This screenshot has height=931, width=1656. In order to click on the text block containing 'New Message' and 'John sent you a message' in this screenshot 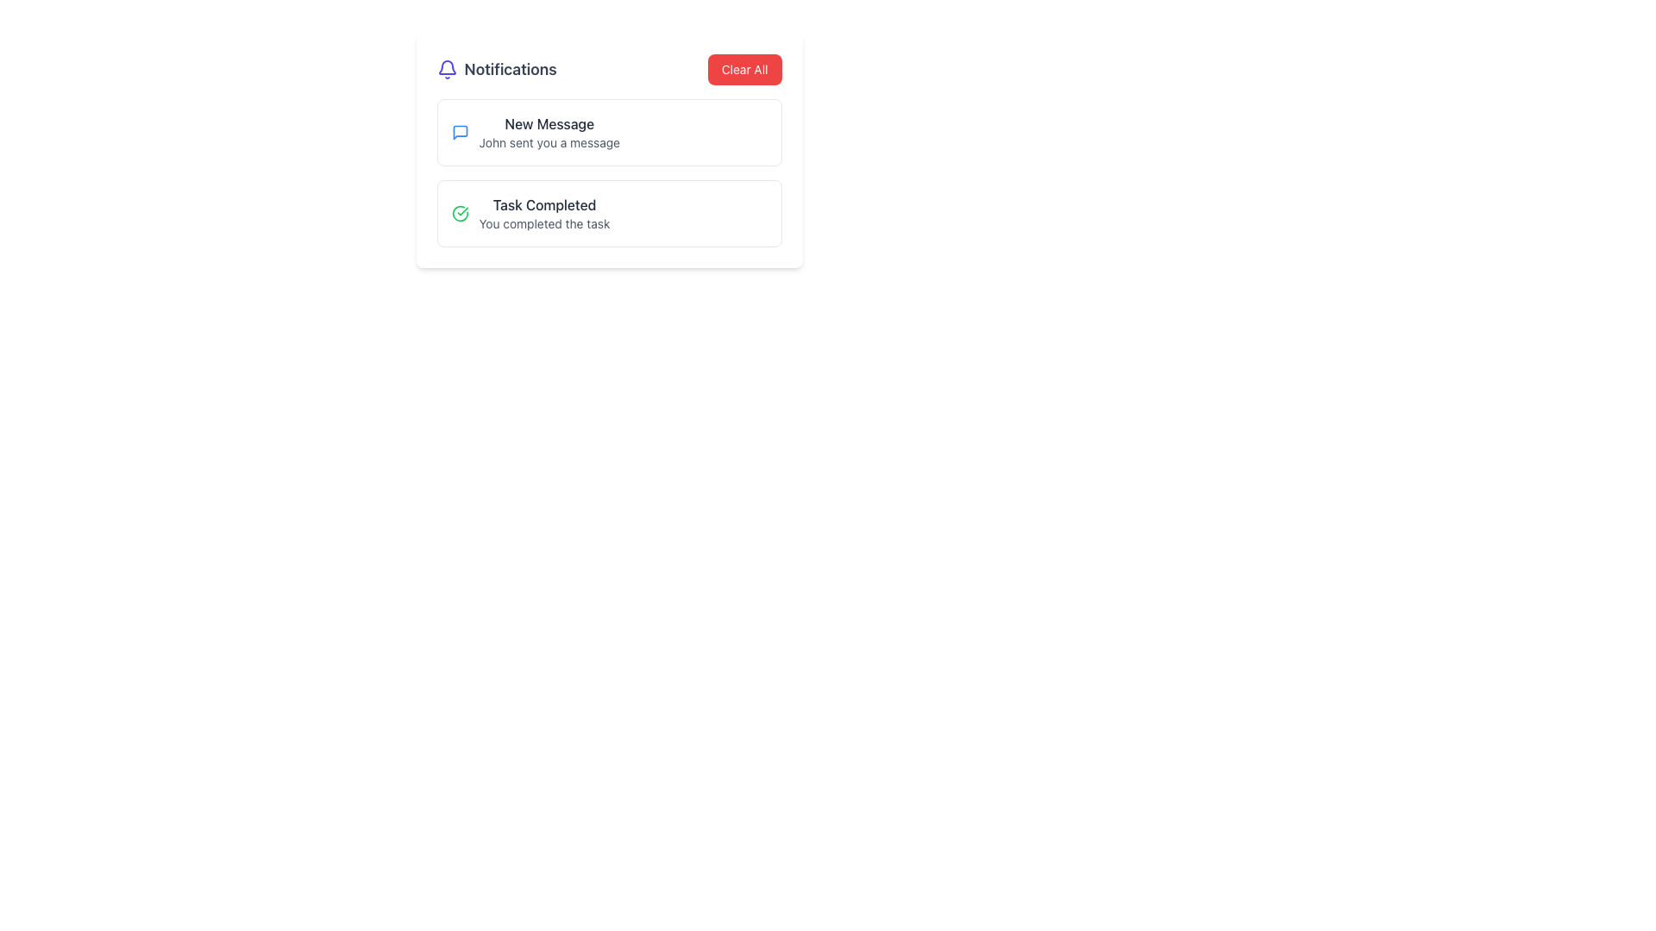, I will do `click(549, 132)`.